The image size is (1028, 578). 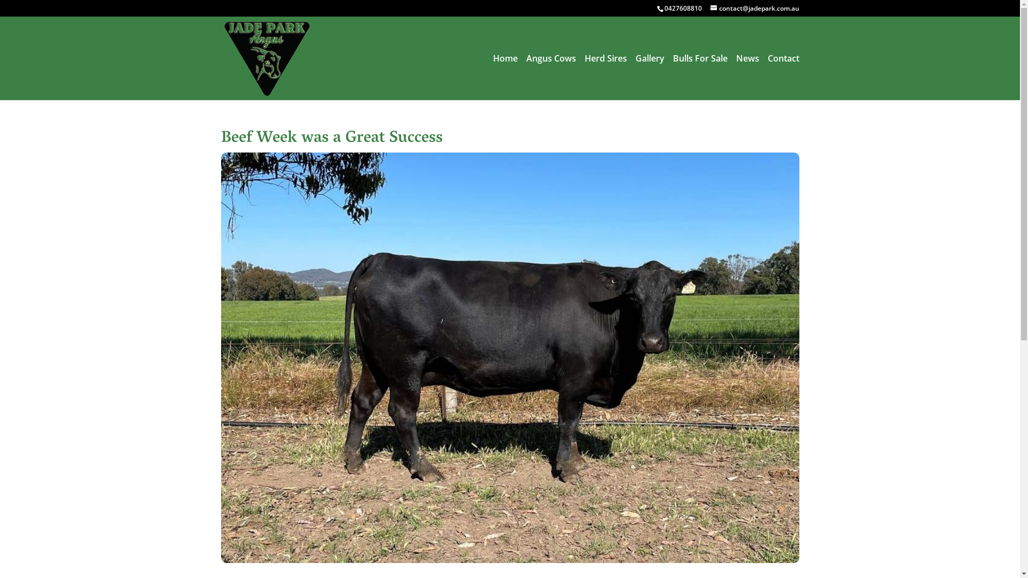 I want to click on '0427608810', so click(x=655, y=8).